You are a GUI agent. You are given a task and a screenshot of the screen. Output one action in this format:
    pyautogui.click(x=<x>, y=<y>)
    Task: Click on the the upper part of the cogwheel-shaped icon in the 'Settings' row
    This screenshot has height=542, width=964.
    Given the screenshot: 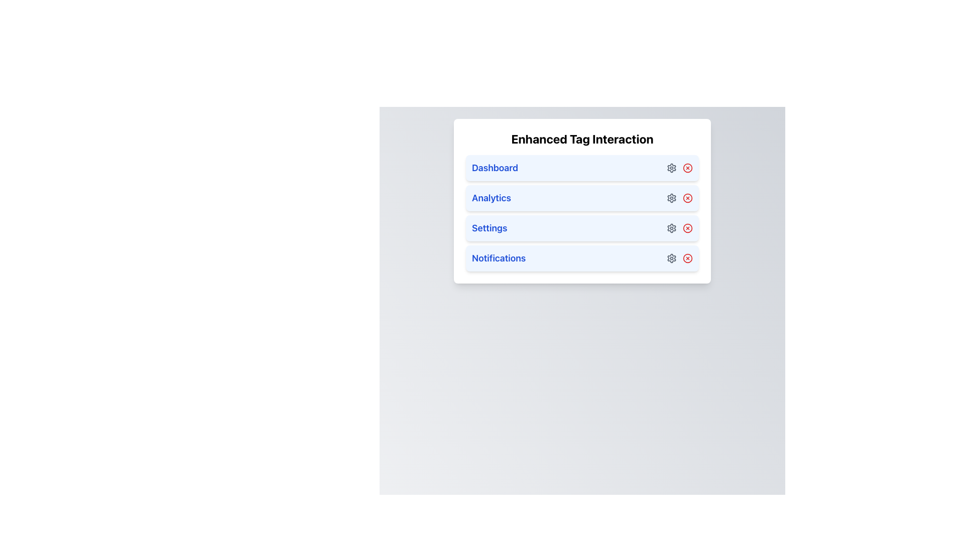 What is the action you would take?
    pyautogui.click(x=672, y=228)
    